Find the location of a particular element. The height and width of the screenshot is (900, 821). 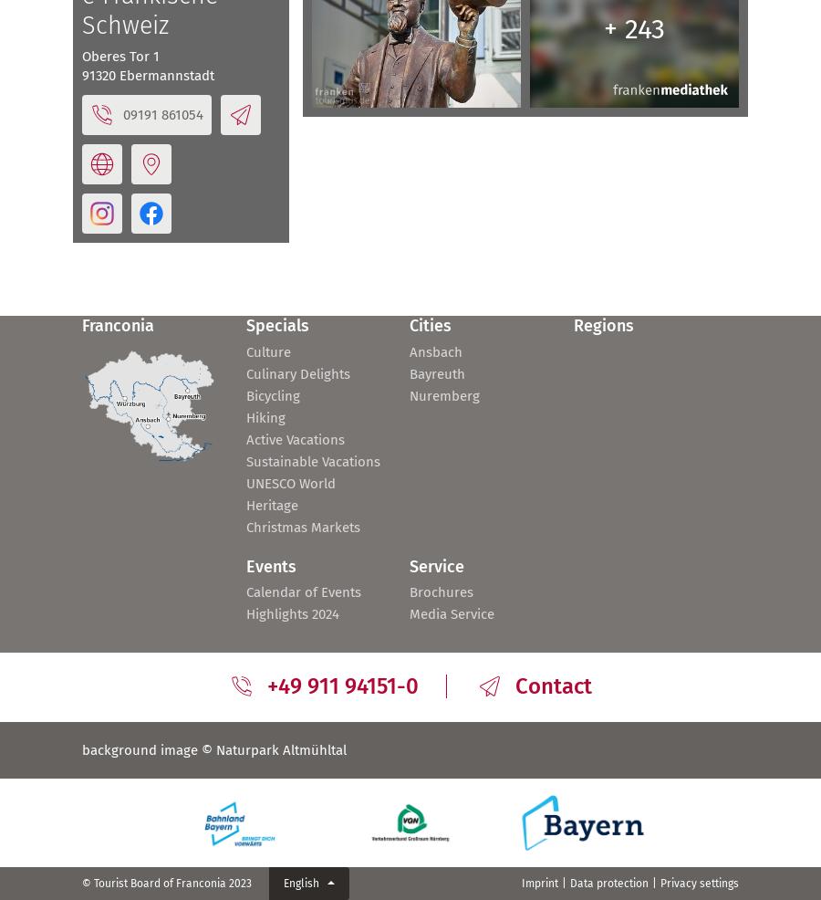

'Data protection' is located at coordinates (608, 882).